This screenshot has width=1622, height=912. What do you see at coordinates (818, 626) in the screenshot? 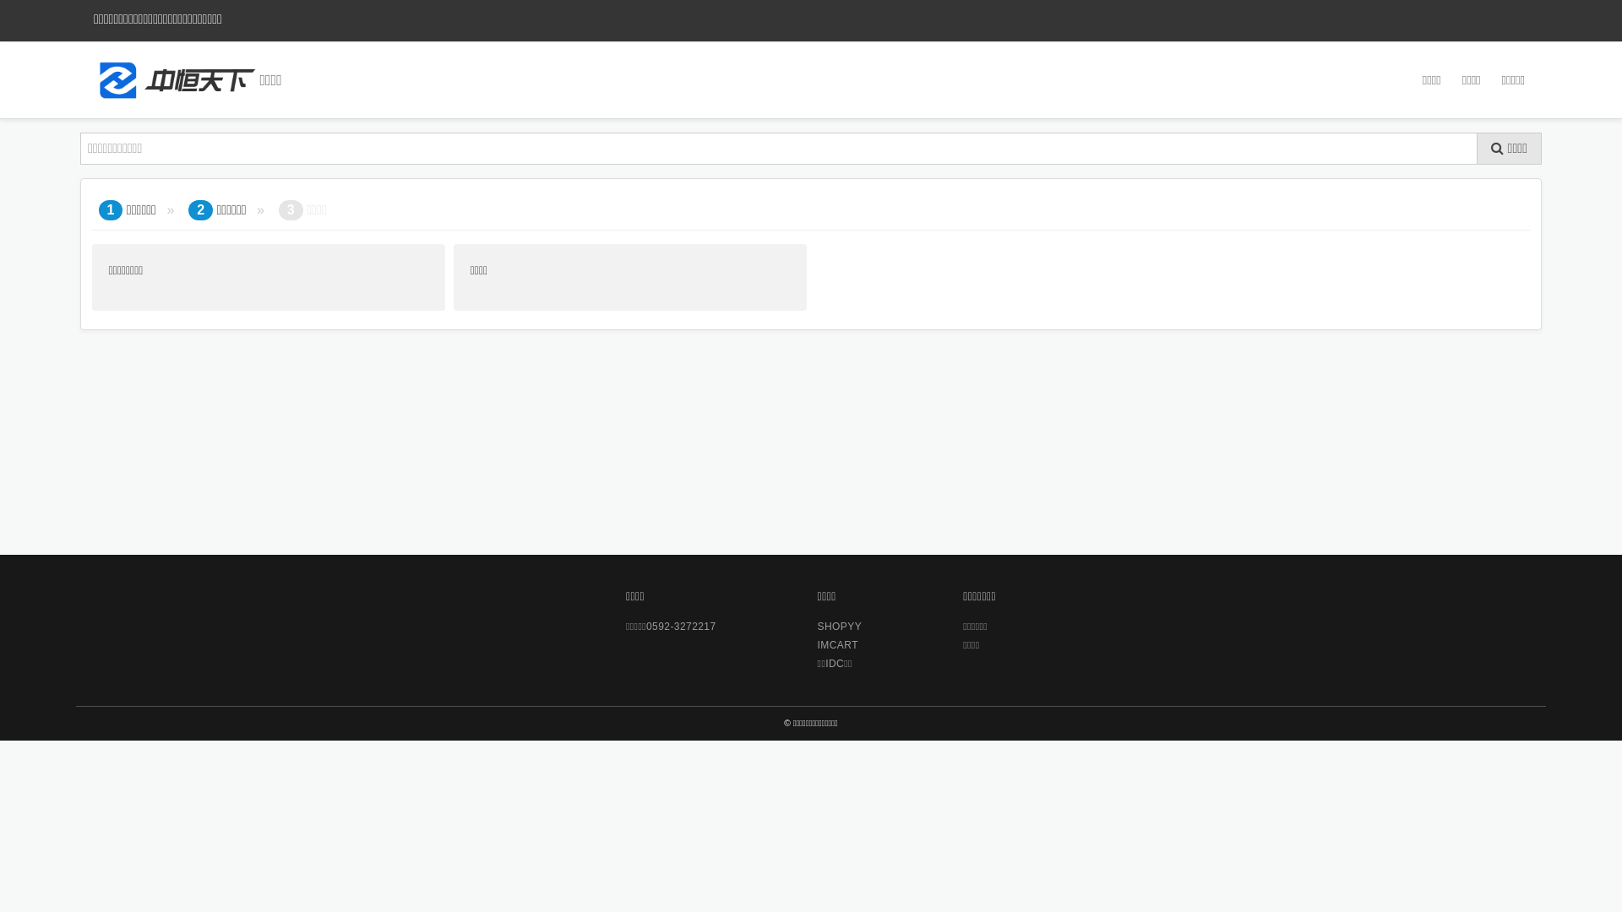
I see `'SHOPYY'` at bounding box center [818, 626].